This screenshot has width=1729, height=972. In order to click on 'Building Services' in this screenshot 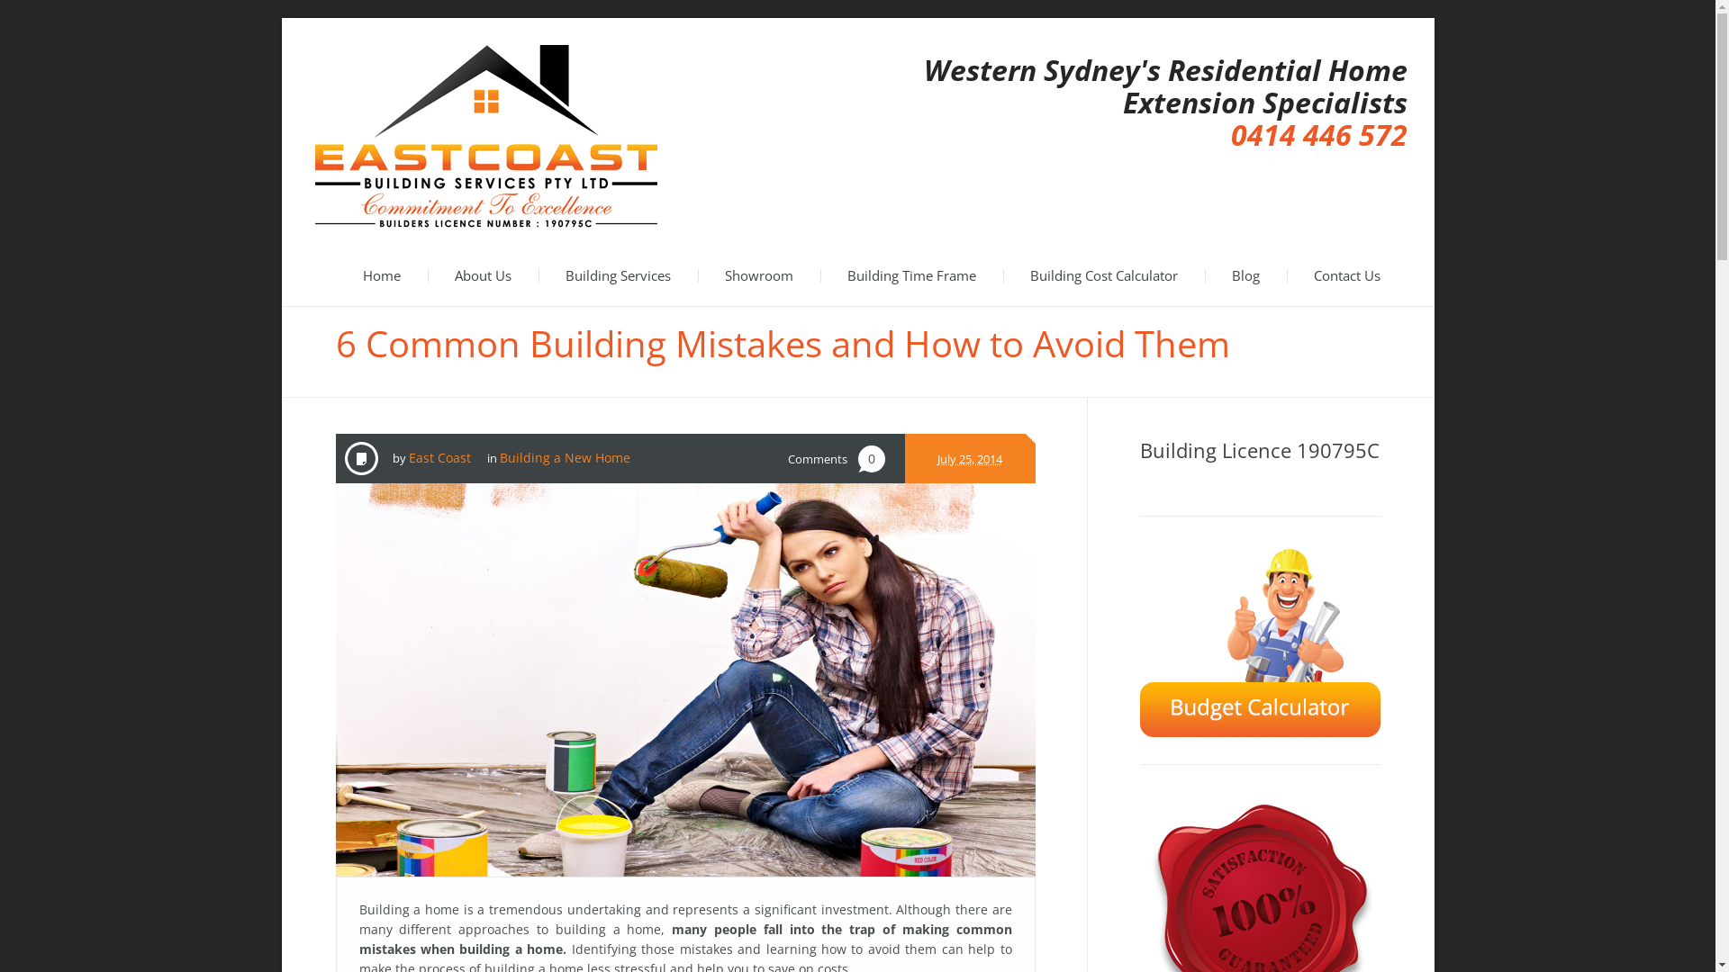, I will do `click(618, 275)`.